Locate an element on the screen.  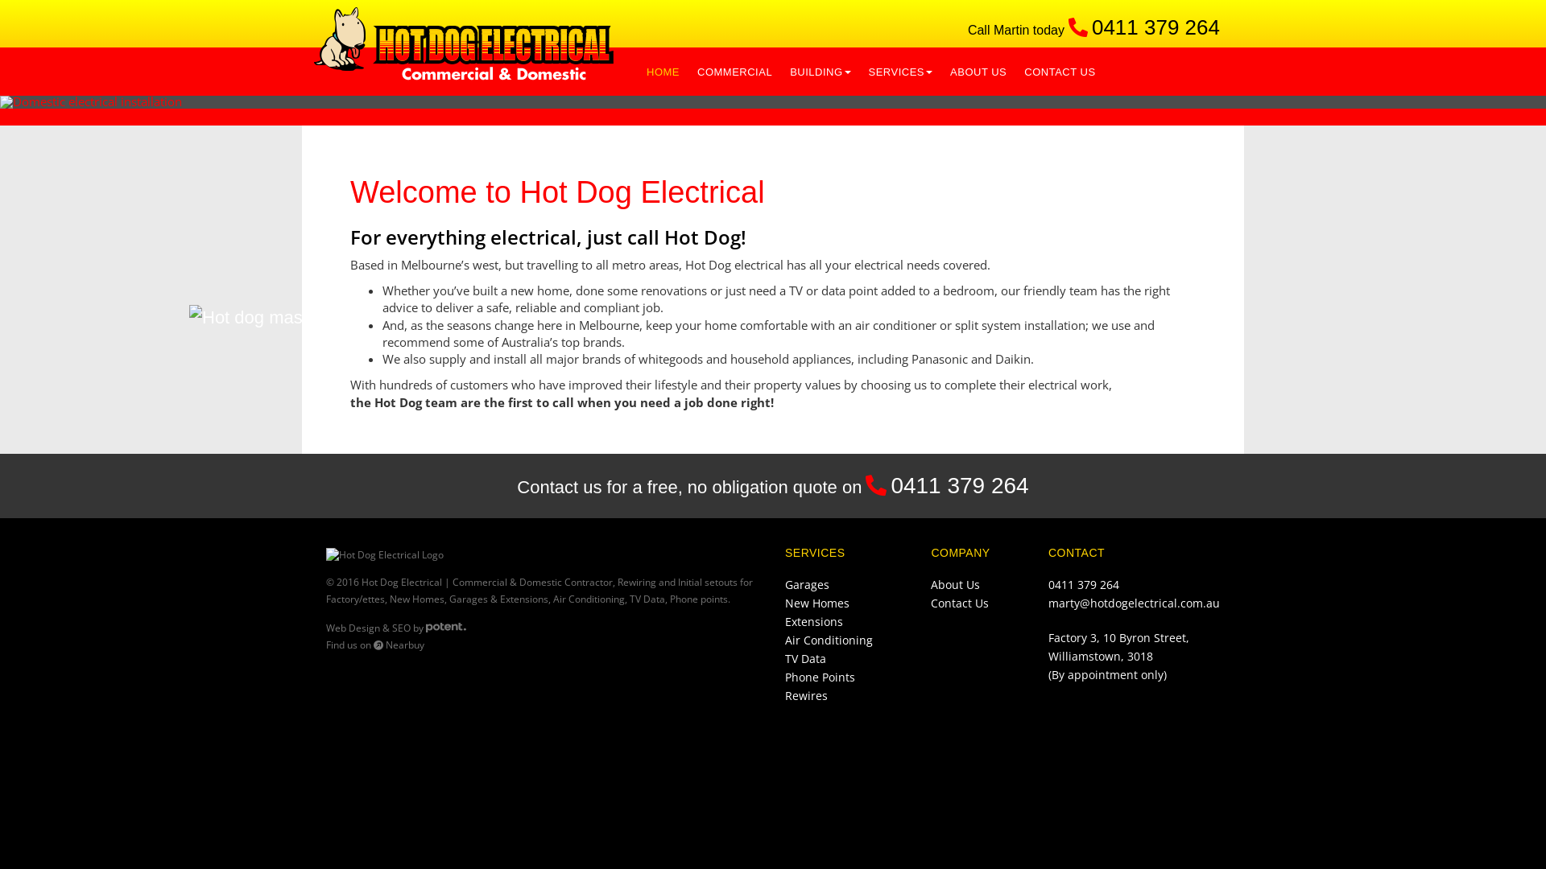
'marty@hotdogelectrical.com.au' is located at coordinates (1133, 603).